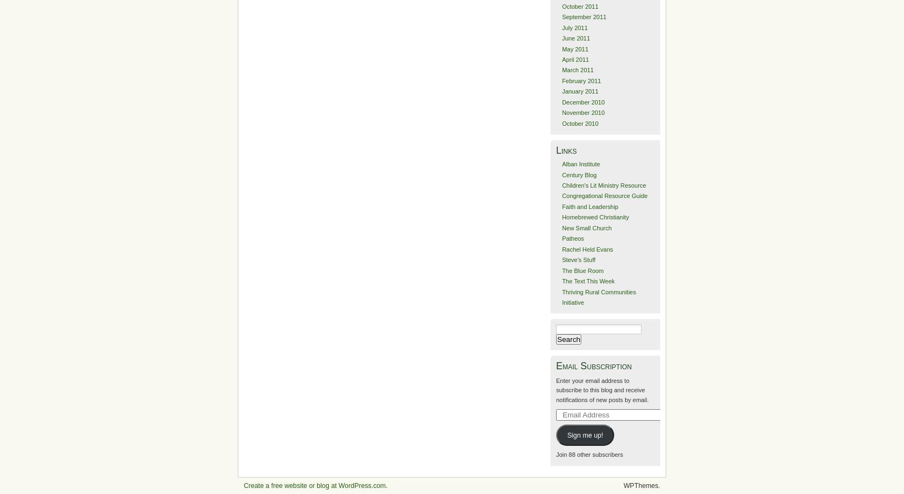  What do you see at coordinates (561, 27) in the screenshot?
I see `'July 2011'` at bounding box center [561, 27].